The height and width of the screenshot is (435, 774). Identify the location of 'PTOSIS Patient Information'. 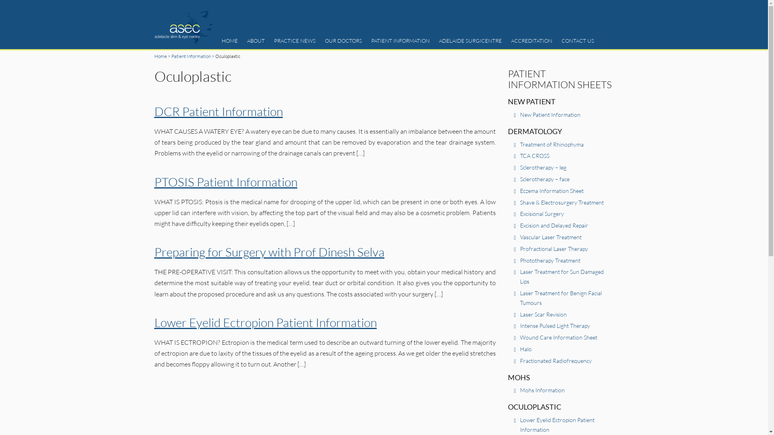
(225, 182).